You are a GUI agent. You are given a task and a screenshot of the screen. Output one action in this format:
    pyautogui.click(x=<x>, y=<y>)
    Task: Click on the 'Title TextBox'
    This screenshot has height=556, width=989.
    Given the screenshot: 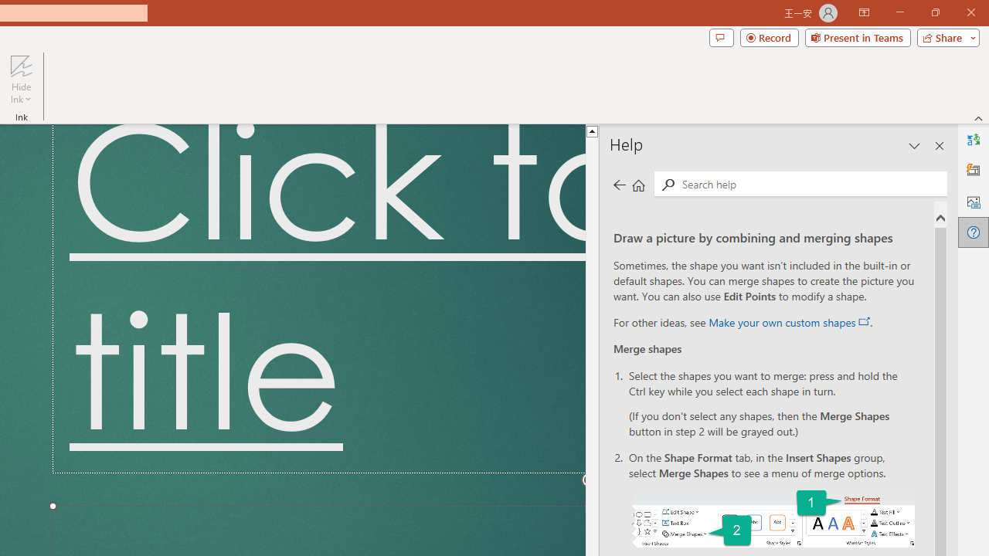 What is the action you would take?
    pyautogui.click(x=318, y=299)
    